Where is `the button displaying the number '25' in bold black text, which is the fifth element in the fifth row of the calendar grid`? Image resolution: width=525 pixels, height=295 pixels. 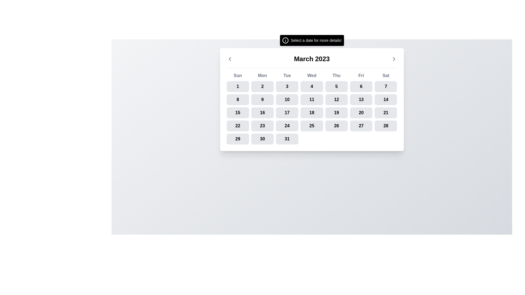 the button displaying the number '25' in bold black text, which is the fifth element in the fifth row of the calendar grid is located at coordinates (312, 126).